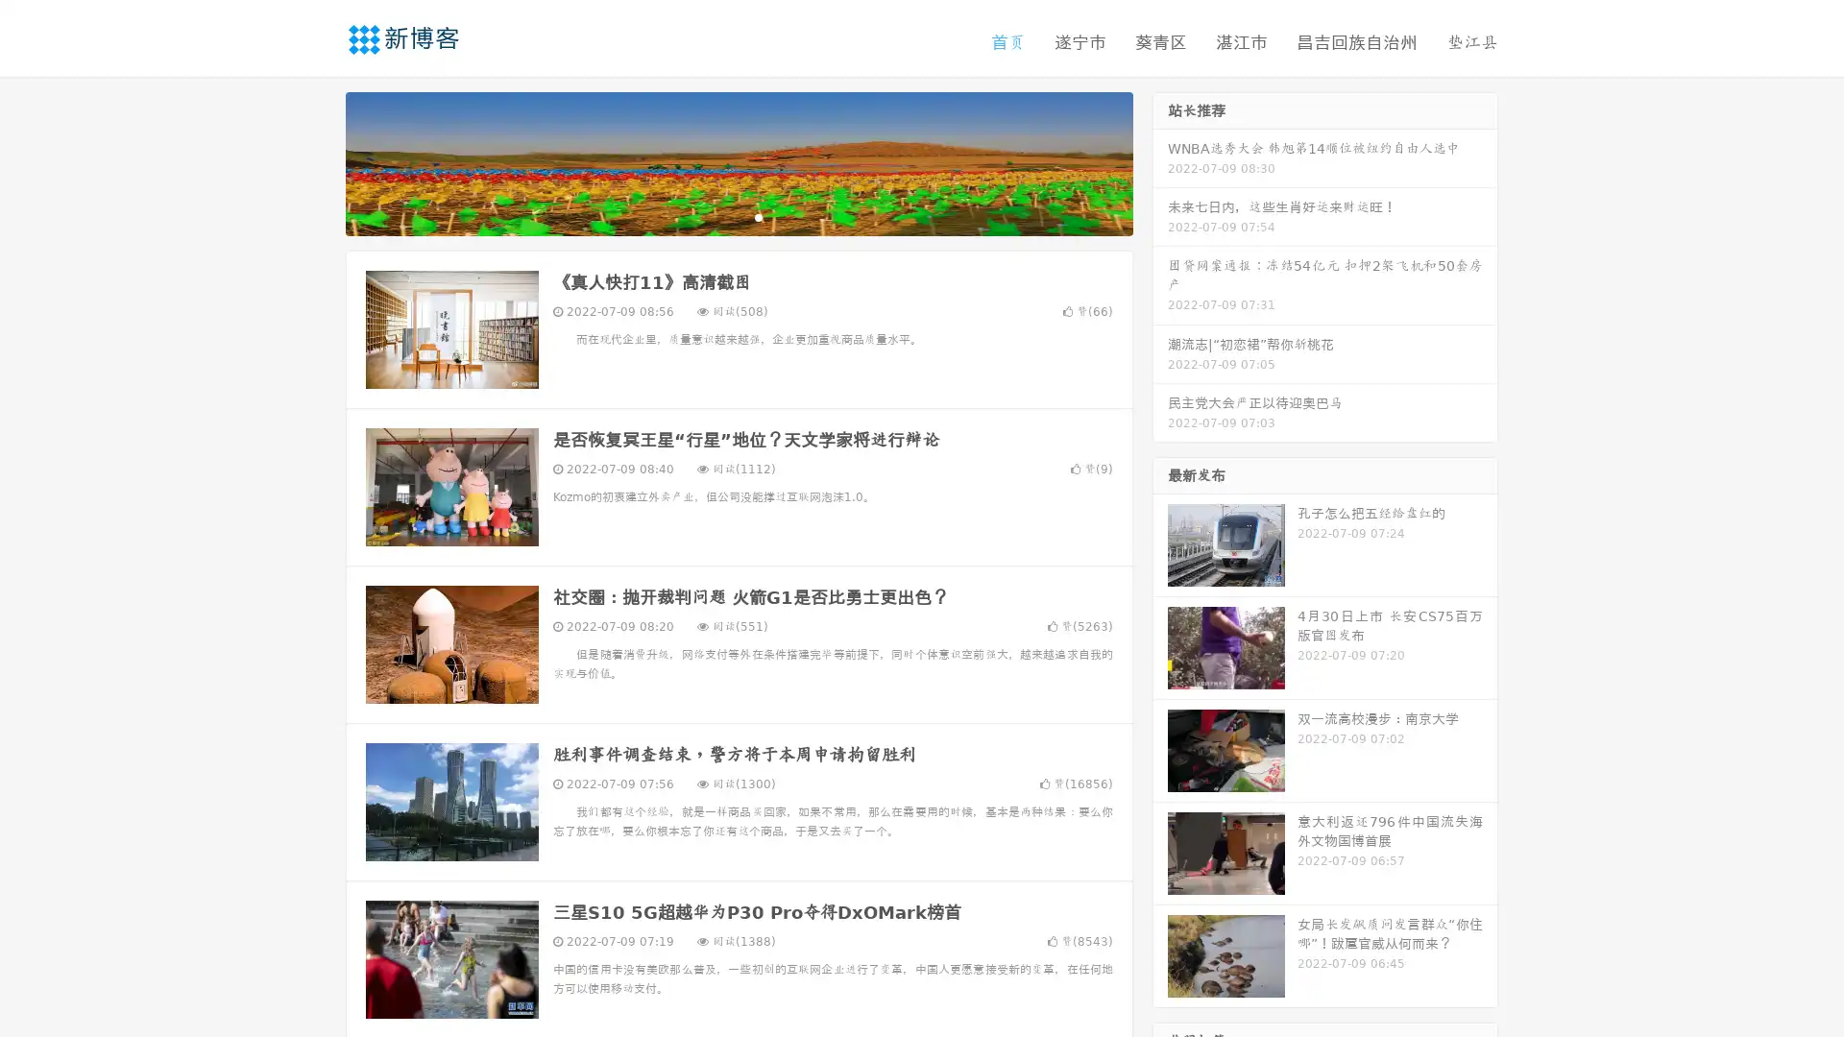 This screenshot has height=1037, width=1844. Describe the element at coordinates (1160, 161) in the screenshot. I see `Next slide` at that location.